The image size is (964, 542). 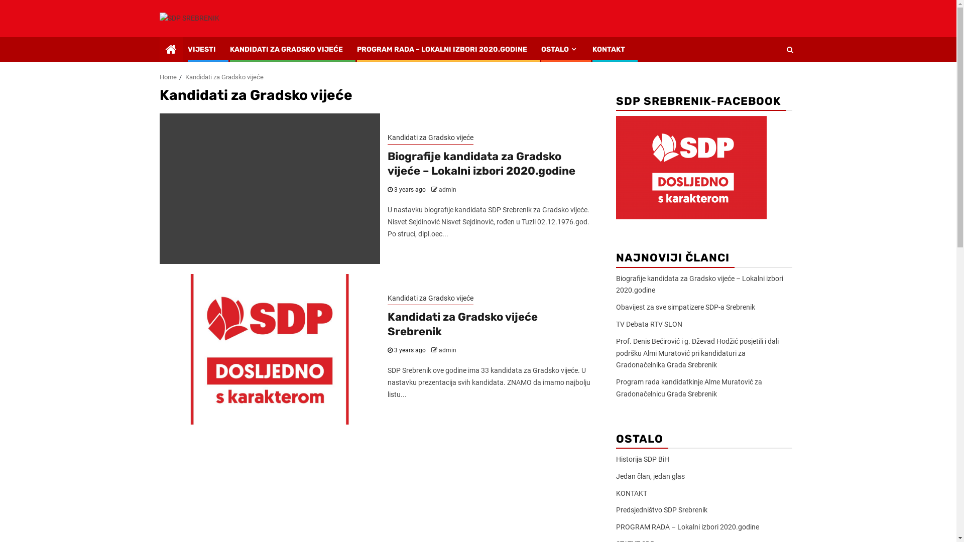 I want to click on 'Search', so click(x=789, y=50).